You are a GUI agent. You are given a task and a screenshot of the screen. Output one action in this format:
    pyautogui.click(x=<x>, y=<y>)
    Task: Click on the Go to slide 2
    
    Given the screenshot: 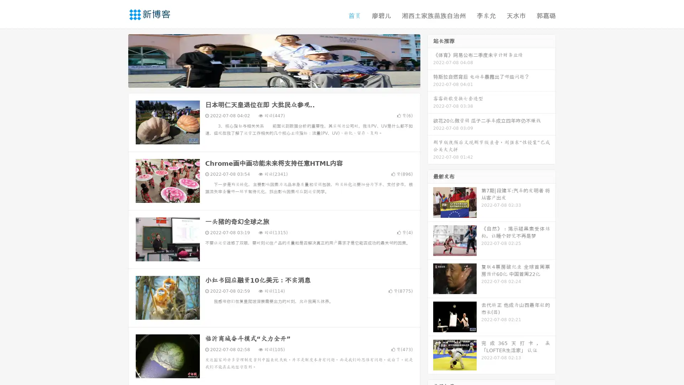 What is the action you would take?
    pyautogui.click(x=274, y=80)
    